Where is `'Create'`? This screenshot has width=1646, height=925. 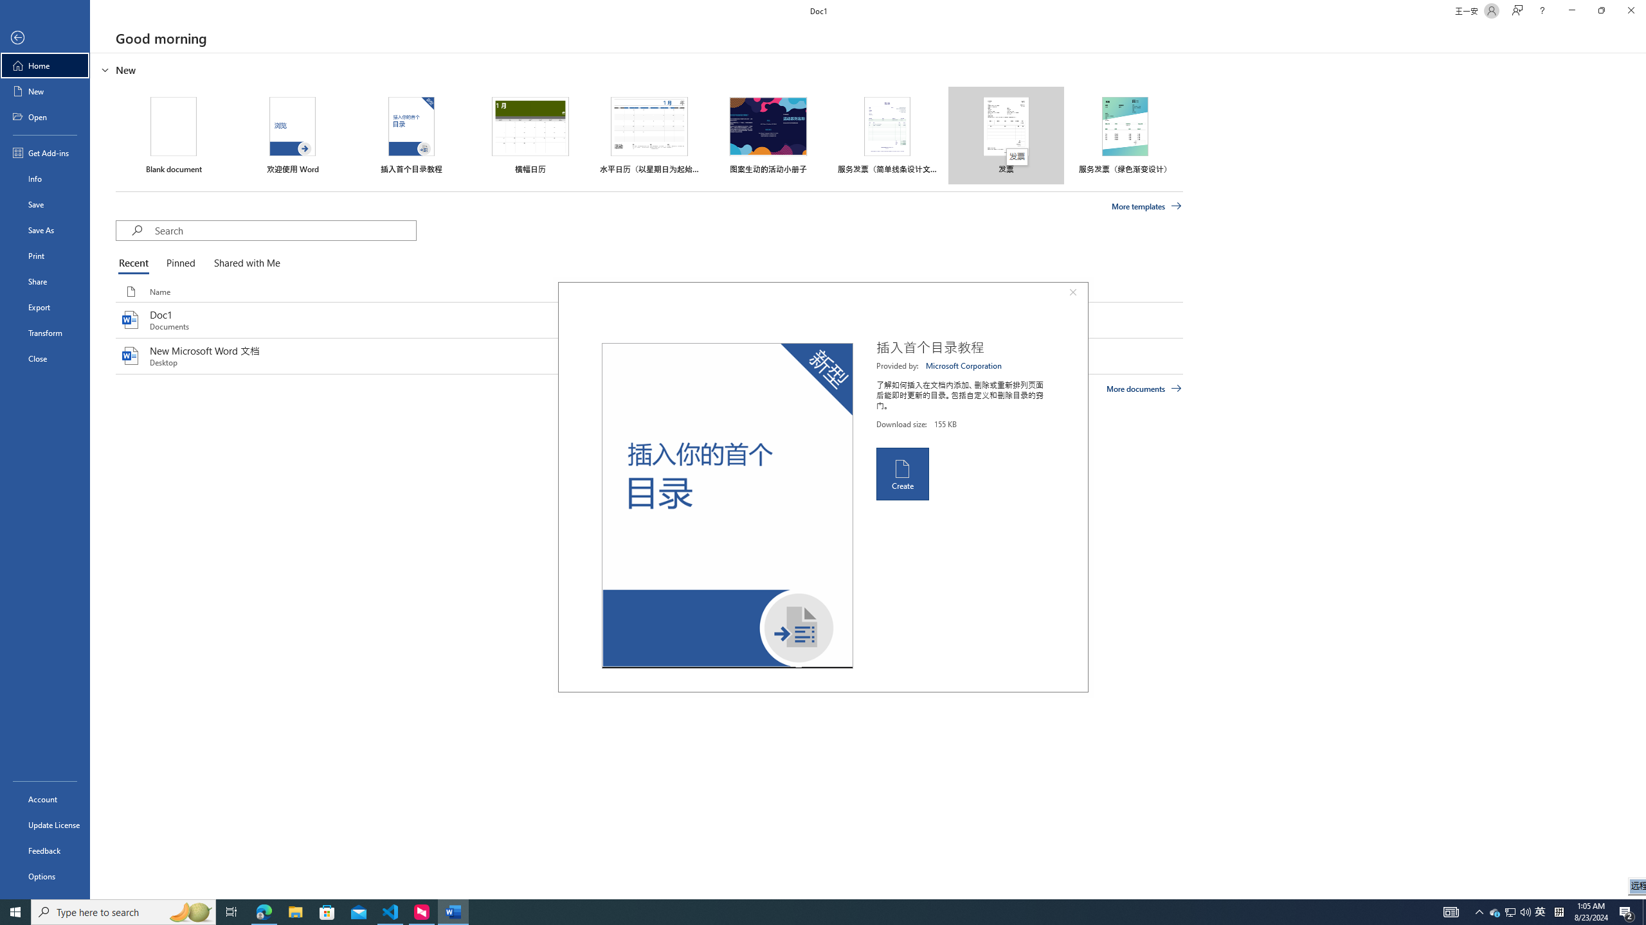 'Create' is located at coordinates (901, 473).